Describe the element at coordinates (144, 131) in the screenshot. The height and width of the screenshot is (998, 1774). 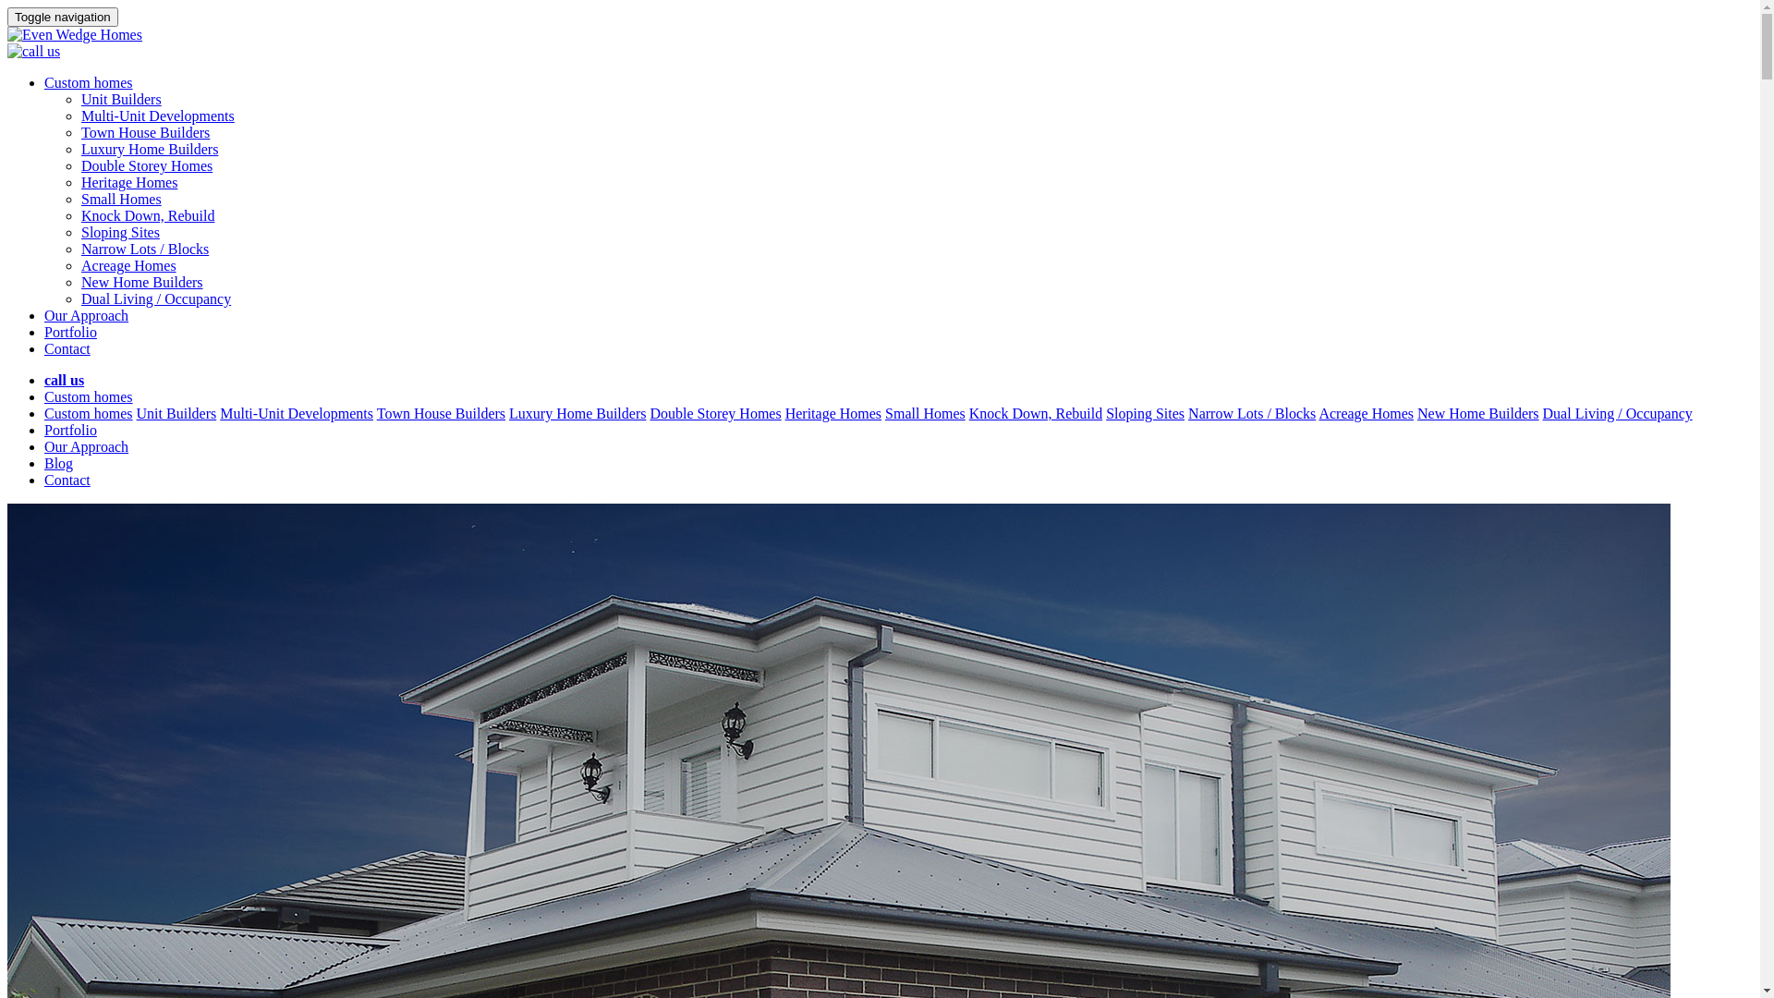
I see `'Town House Builders'` at that location.